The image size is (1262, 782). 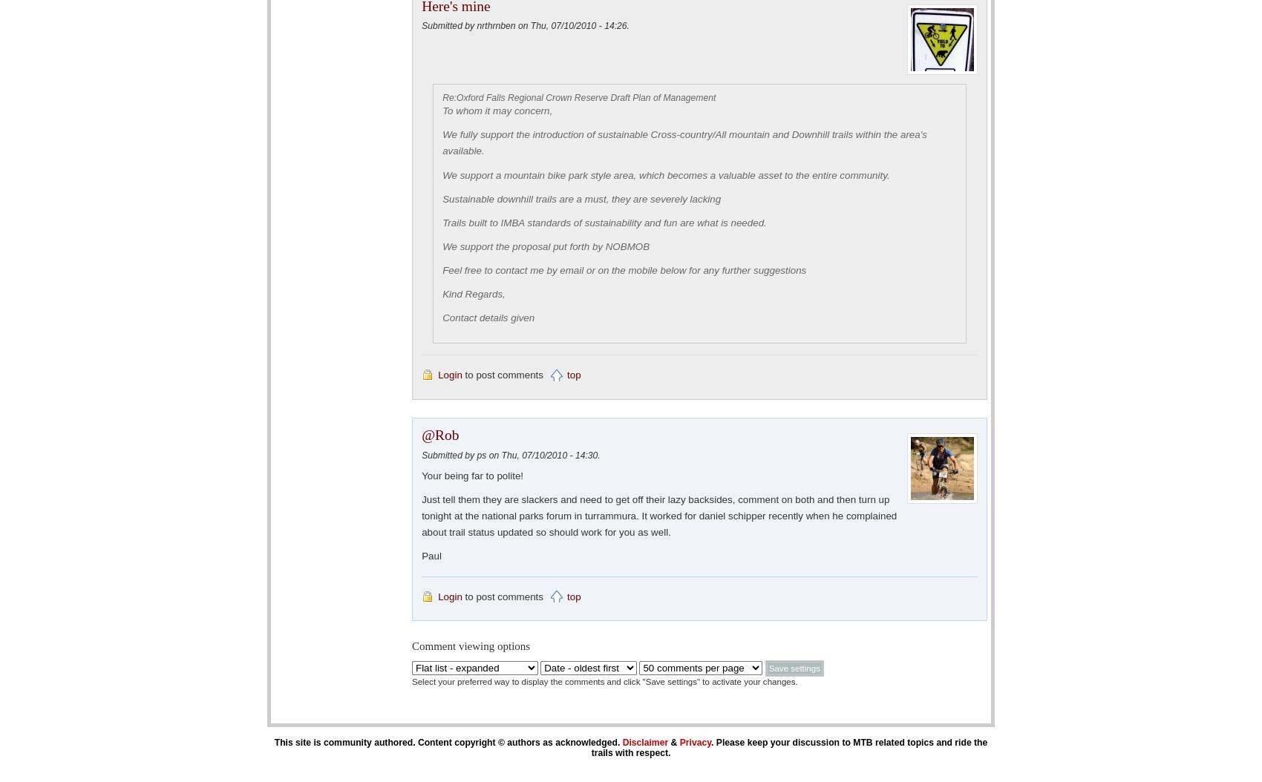 I want to click on 'Privacy', so click(x=695, y=742).